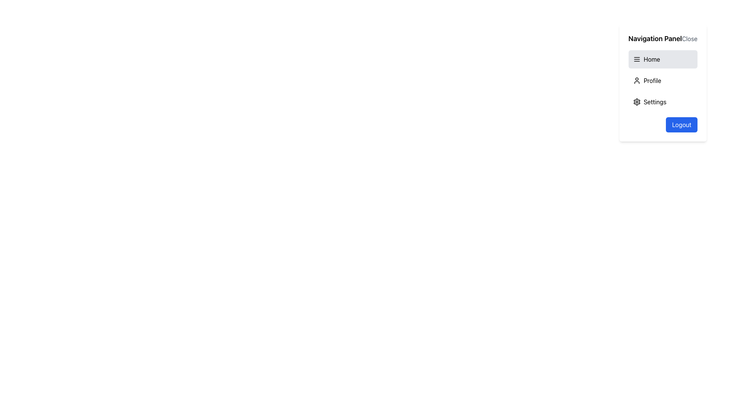  I want to click on the 'Settings' text label component in the vertical menu list, so click(654, 101).